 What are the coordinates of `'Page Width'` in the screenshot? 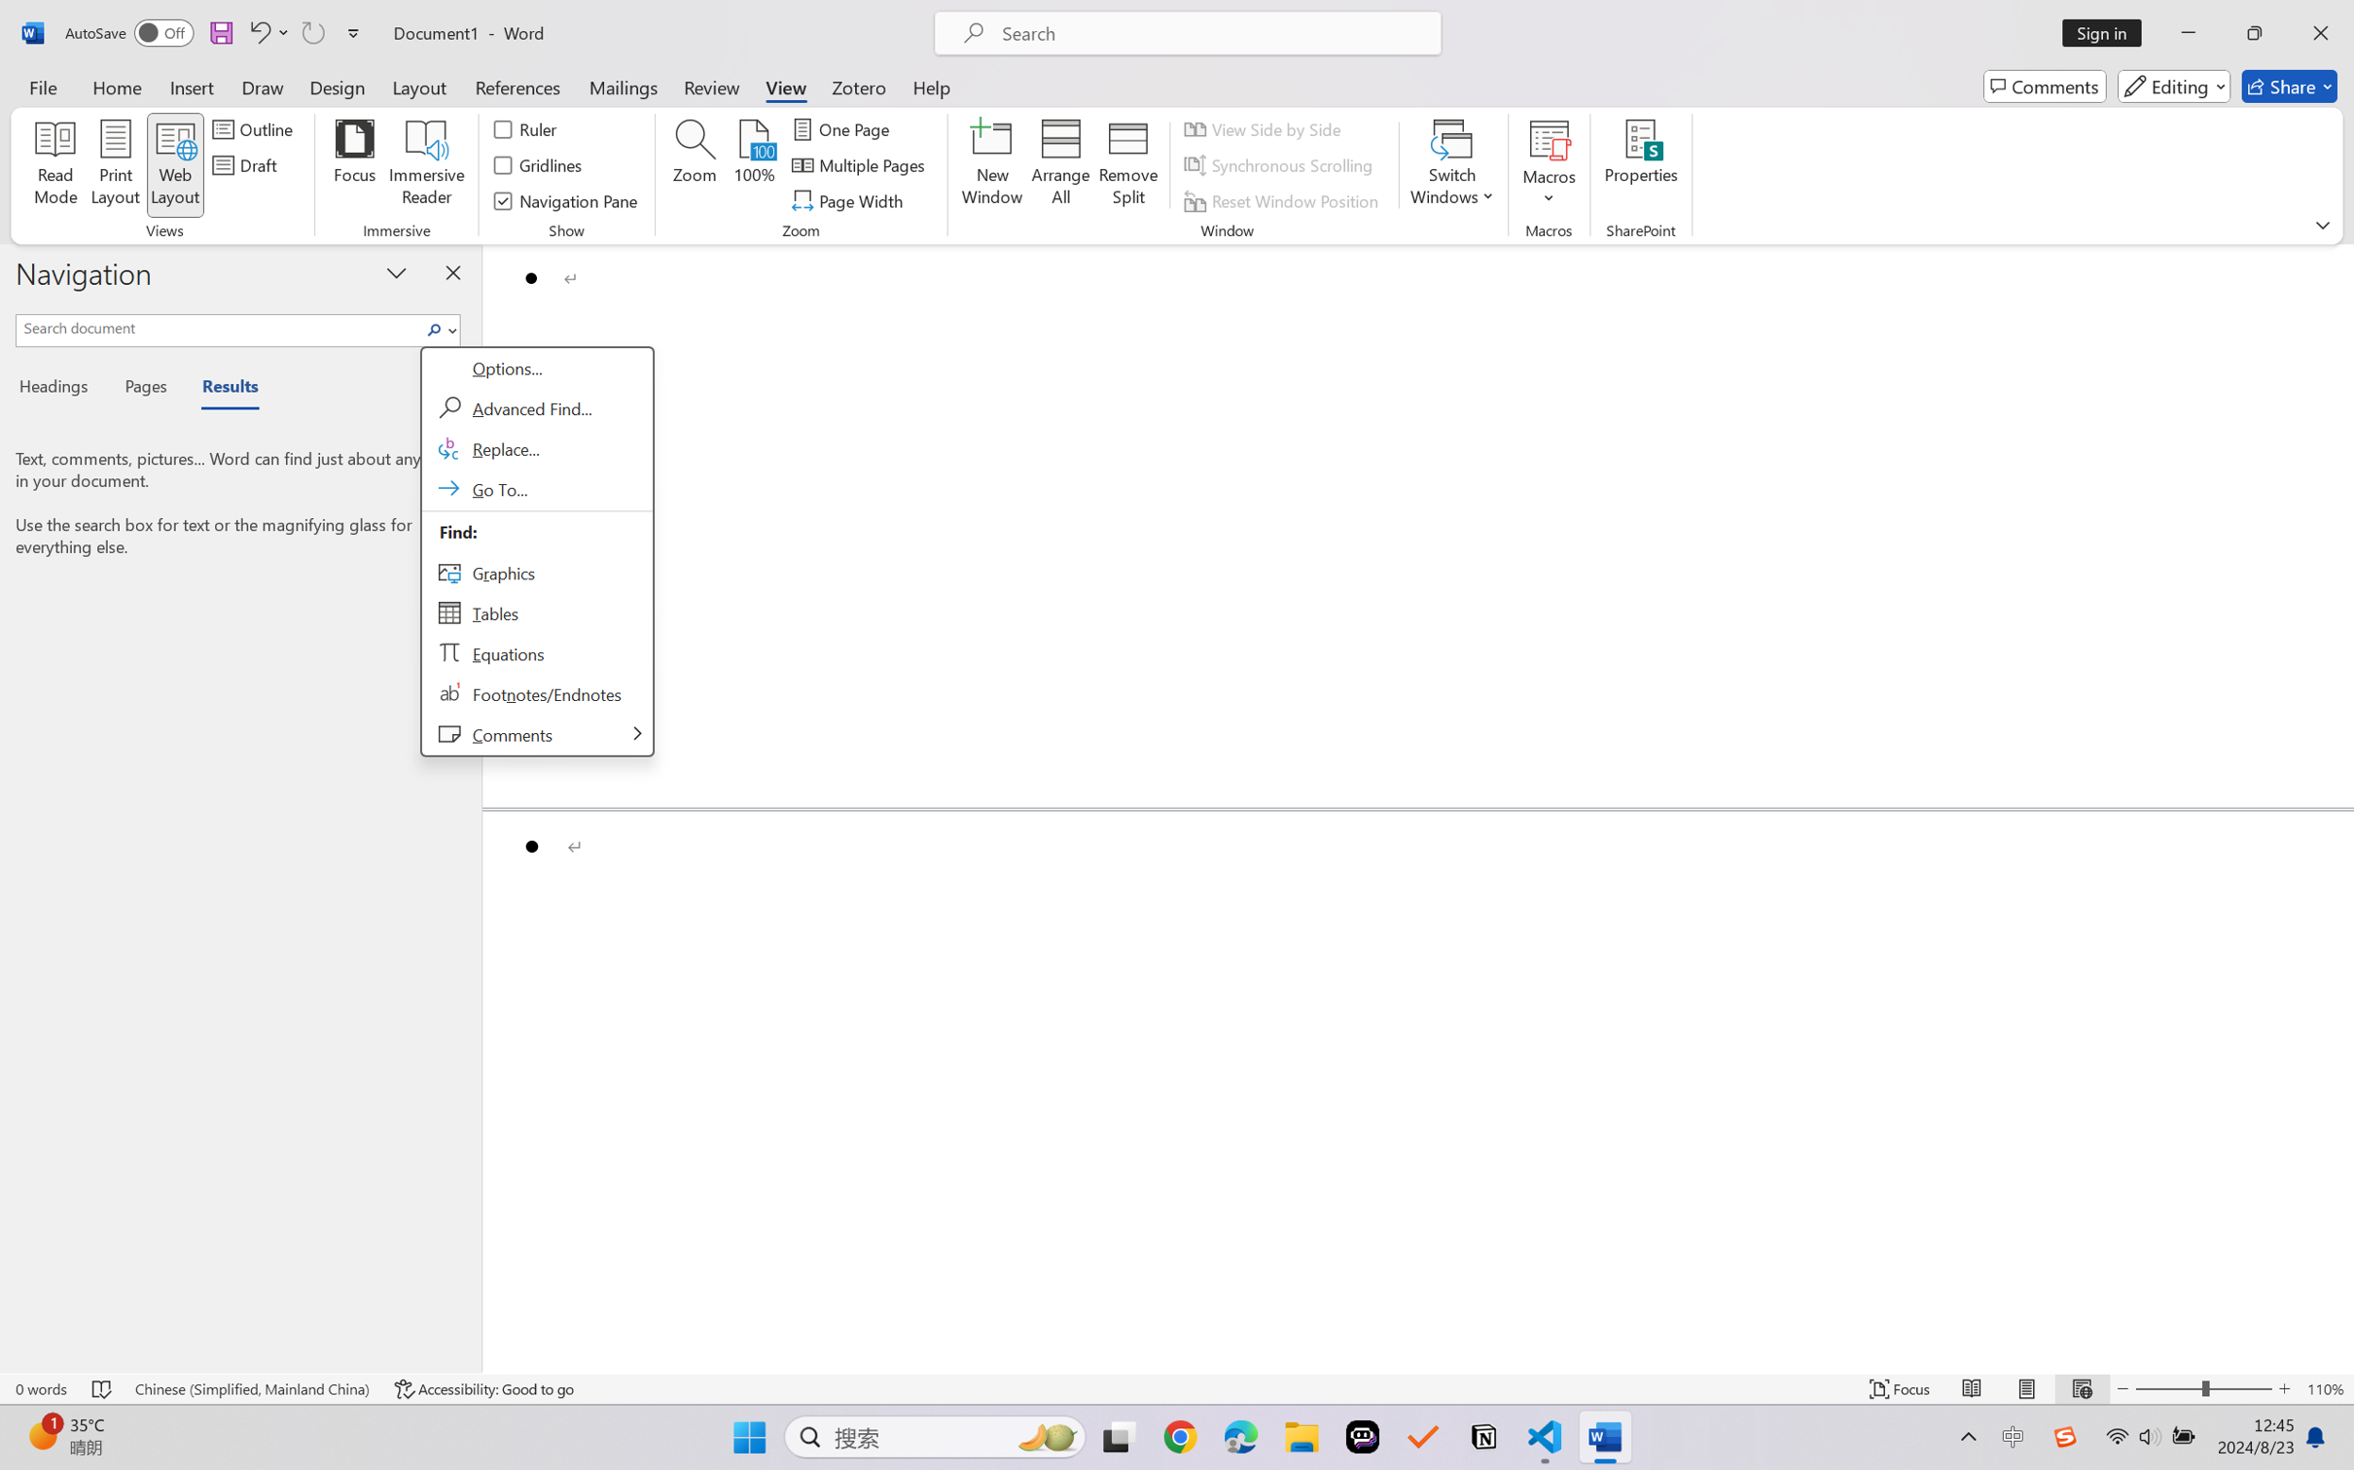 It's located at (849, 201).